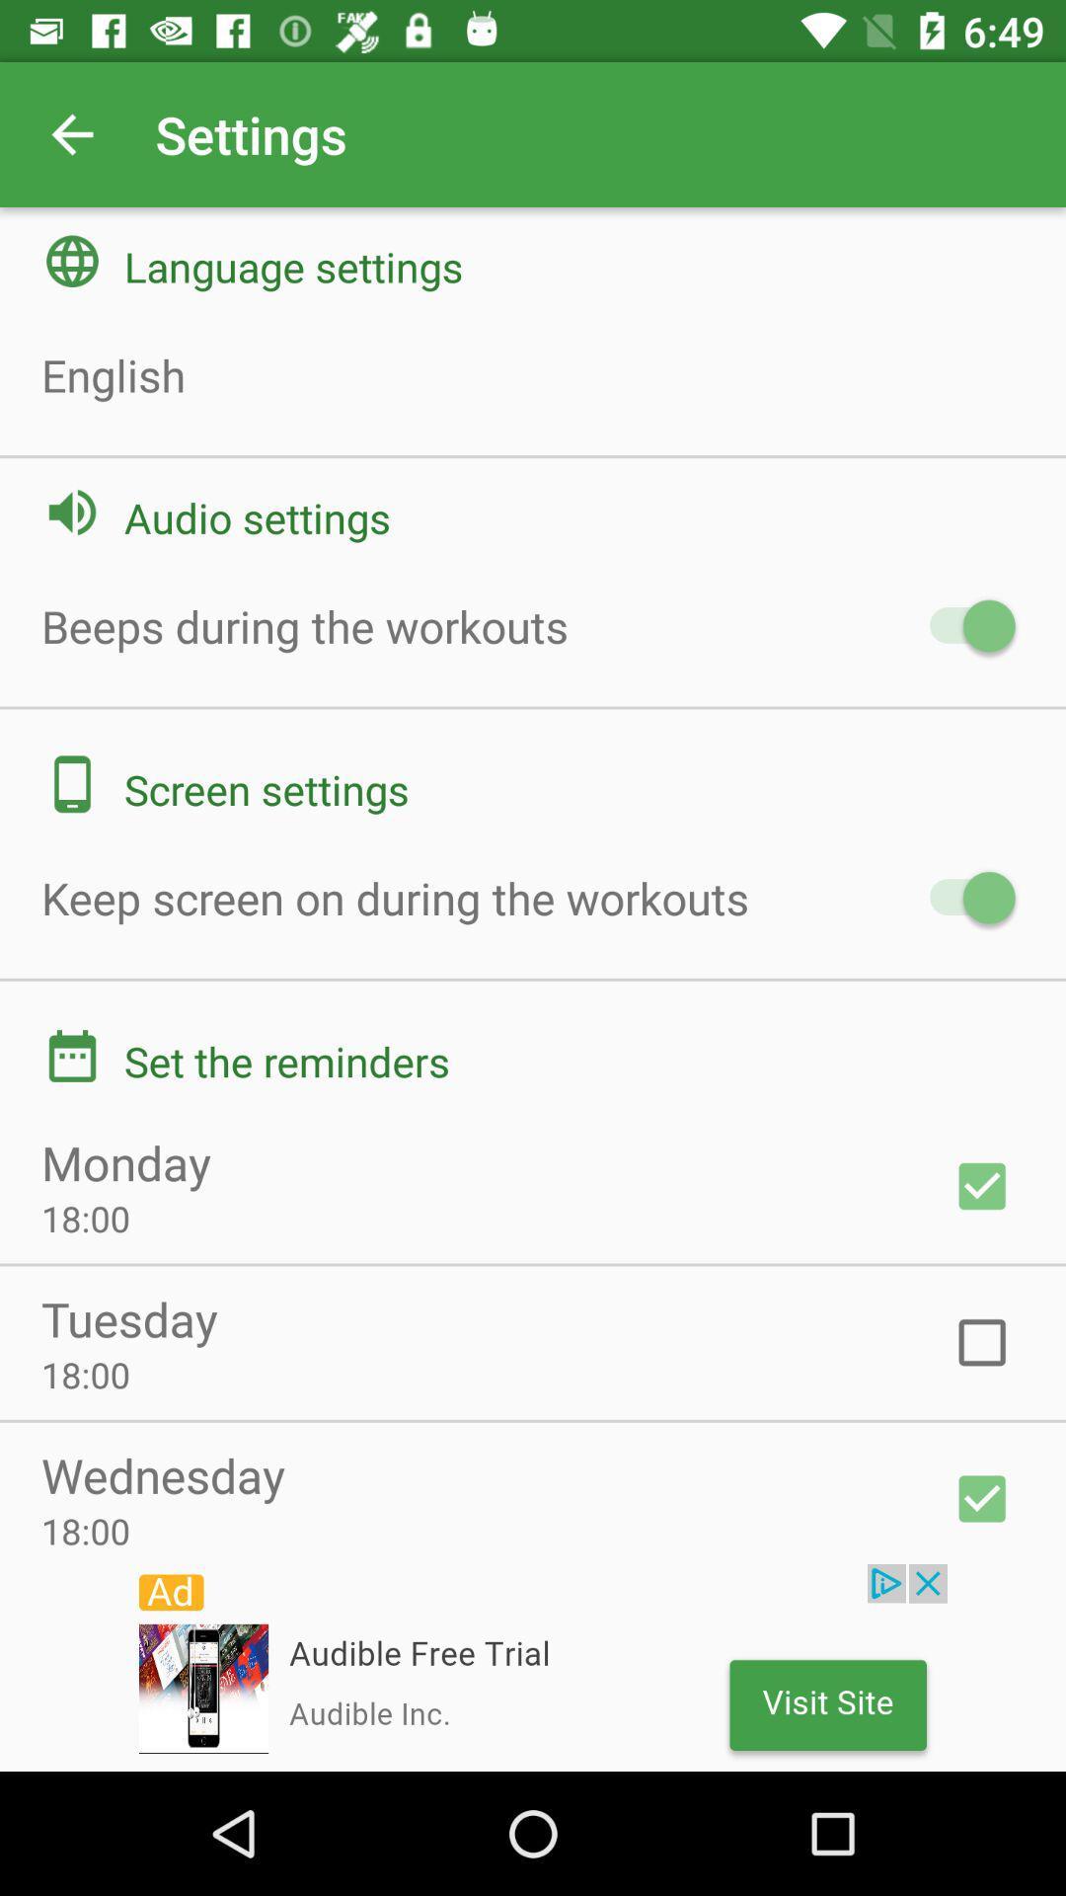 This screenshot has width=1066, height=1896. I want to click on the box, so click(982, 1342).